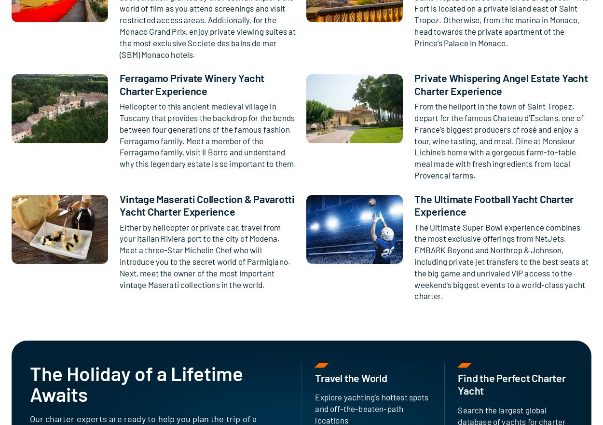 This screenshot has height=425, width=603. Describe the element at coordinates (350, 378) in the screenshot. I see `'Travel the World'` at that location.